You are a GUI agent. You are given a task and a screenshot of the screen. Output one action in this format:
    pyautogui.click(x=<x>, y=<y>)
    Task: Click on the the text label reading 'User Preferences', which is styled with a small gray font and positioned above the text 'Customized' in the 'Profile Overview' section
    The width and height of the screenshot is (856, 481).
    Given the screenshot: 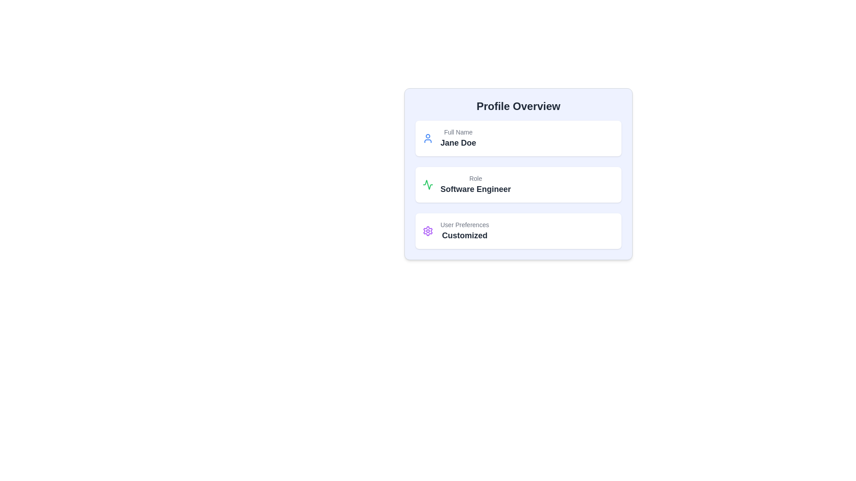 What is the action you would take?
    pyautogui.click(x=464, y=224)
    